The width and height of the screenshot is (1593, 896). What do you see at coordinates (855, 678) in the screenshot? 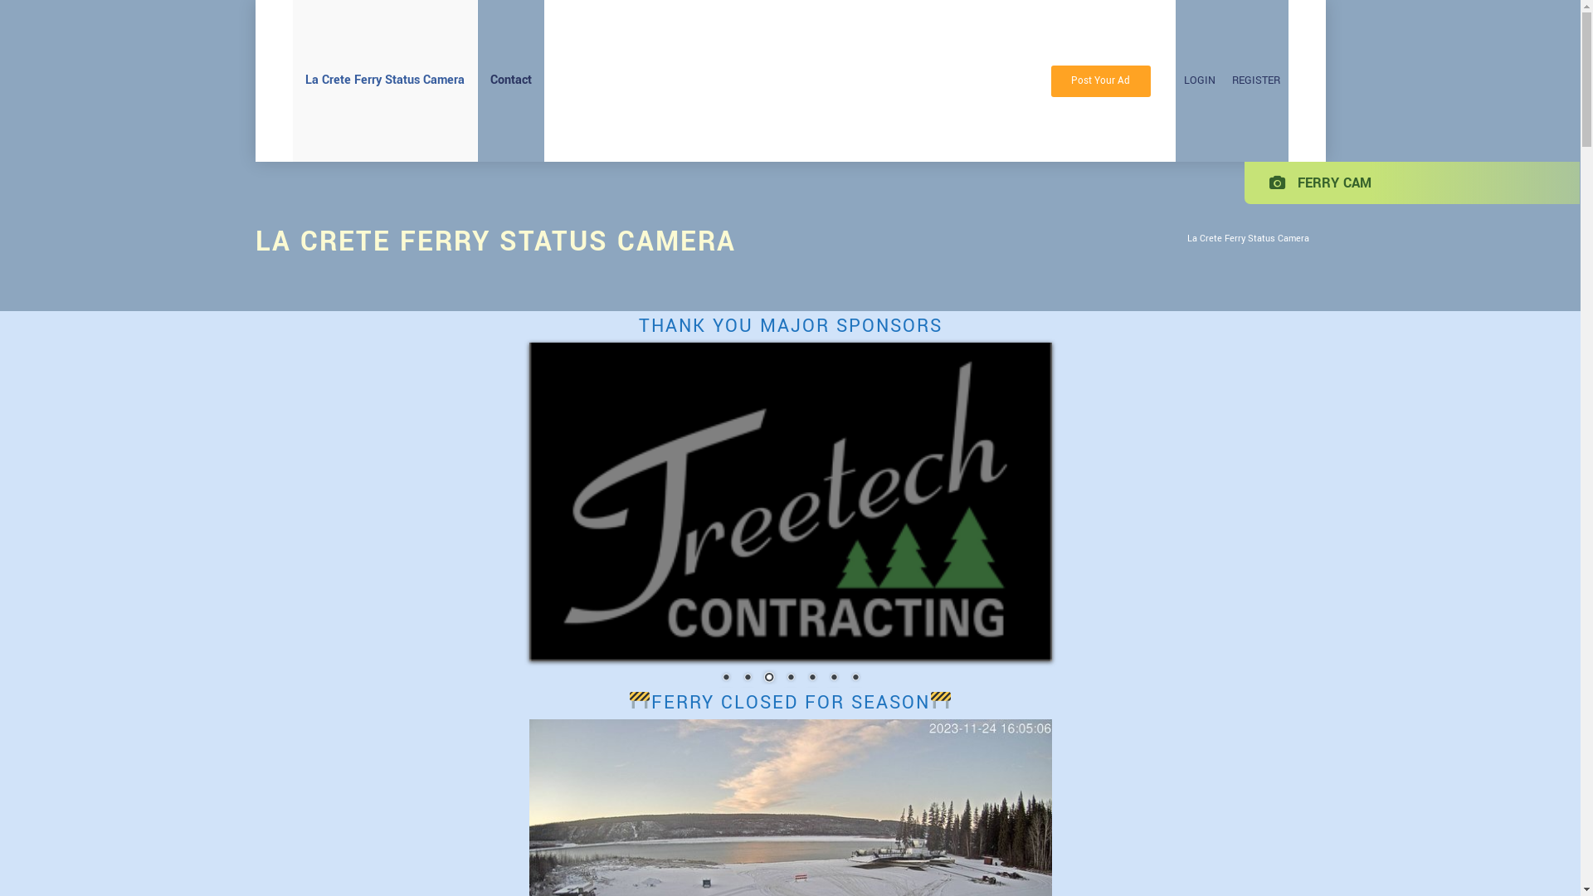
I see `'7'` at bounding box center [855, 678].